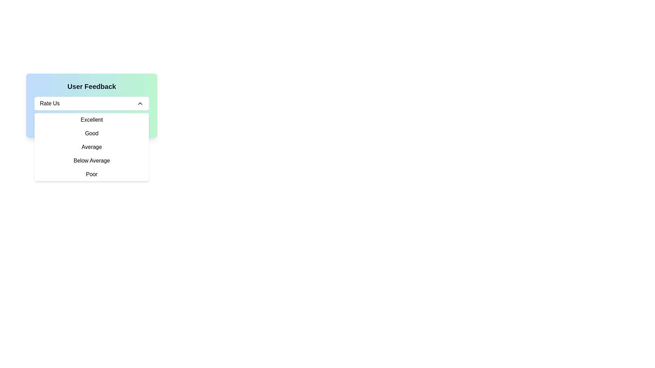 This screenshot has height=368, width=655. What do you see at coordinates (91, 147) in the screenshot?
I see `the 'Average' option in the dropdown menu` at bounding box center [91, 147].